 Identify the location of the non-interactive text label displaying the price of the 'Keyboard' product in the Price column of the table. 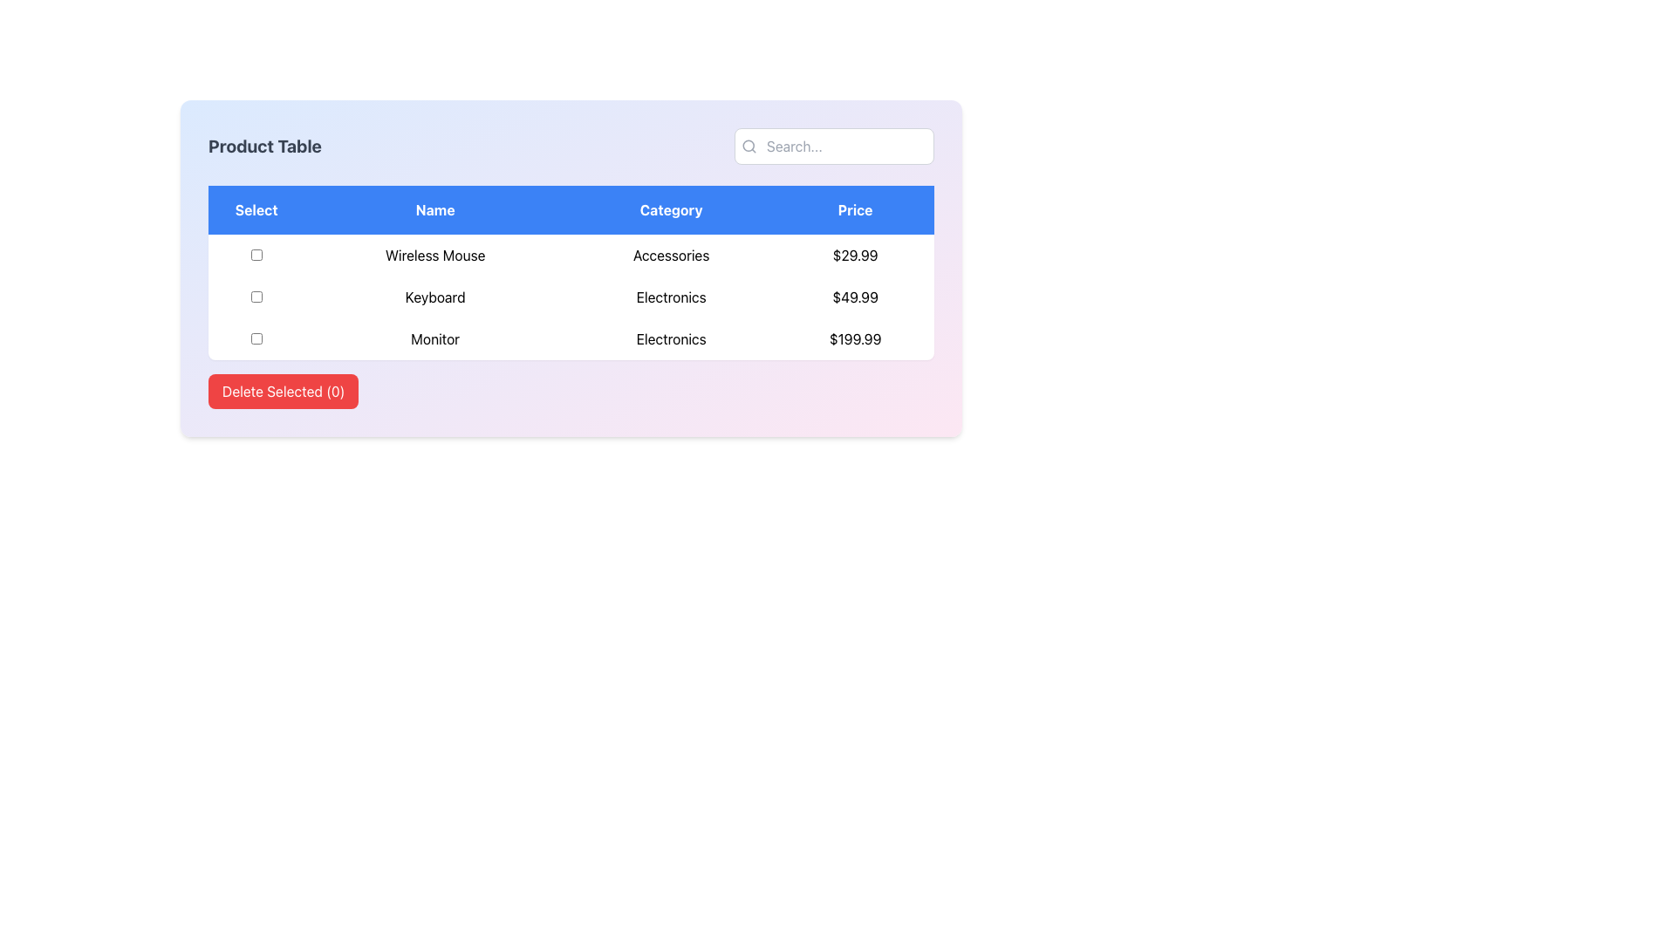
(855, 296).